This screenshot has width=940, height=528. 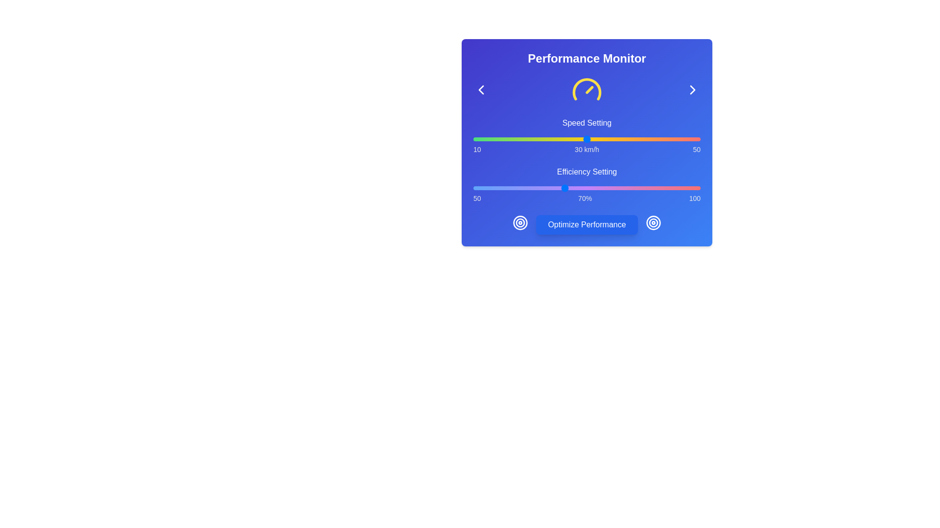 I want to click on the speed setting to 35 km/h by interacting with the slider, so click(x=615, y=139).